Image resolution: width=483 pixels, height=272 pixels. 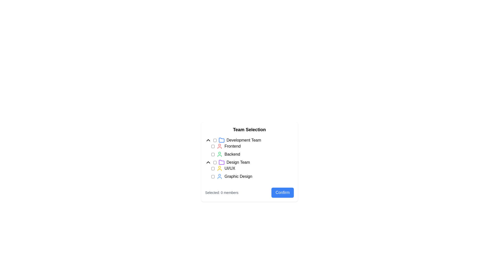 What do you see at coordinates (238, 176) in the screenshot?
I see `the 'Graphic Design' text label in the 'Design Team' subsection, located at the bottom of the list with a checkbox on its left` at bounding box center [238, 176].